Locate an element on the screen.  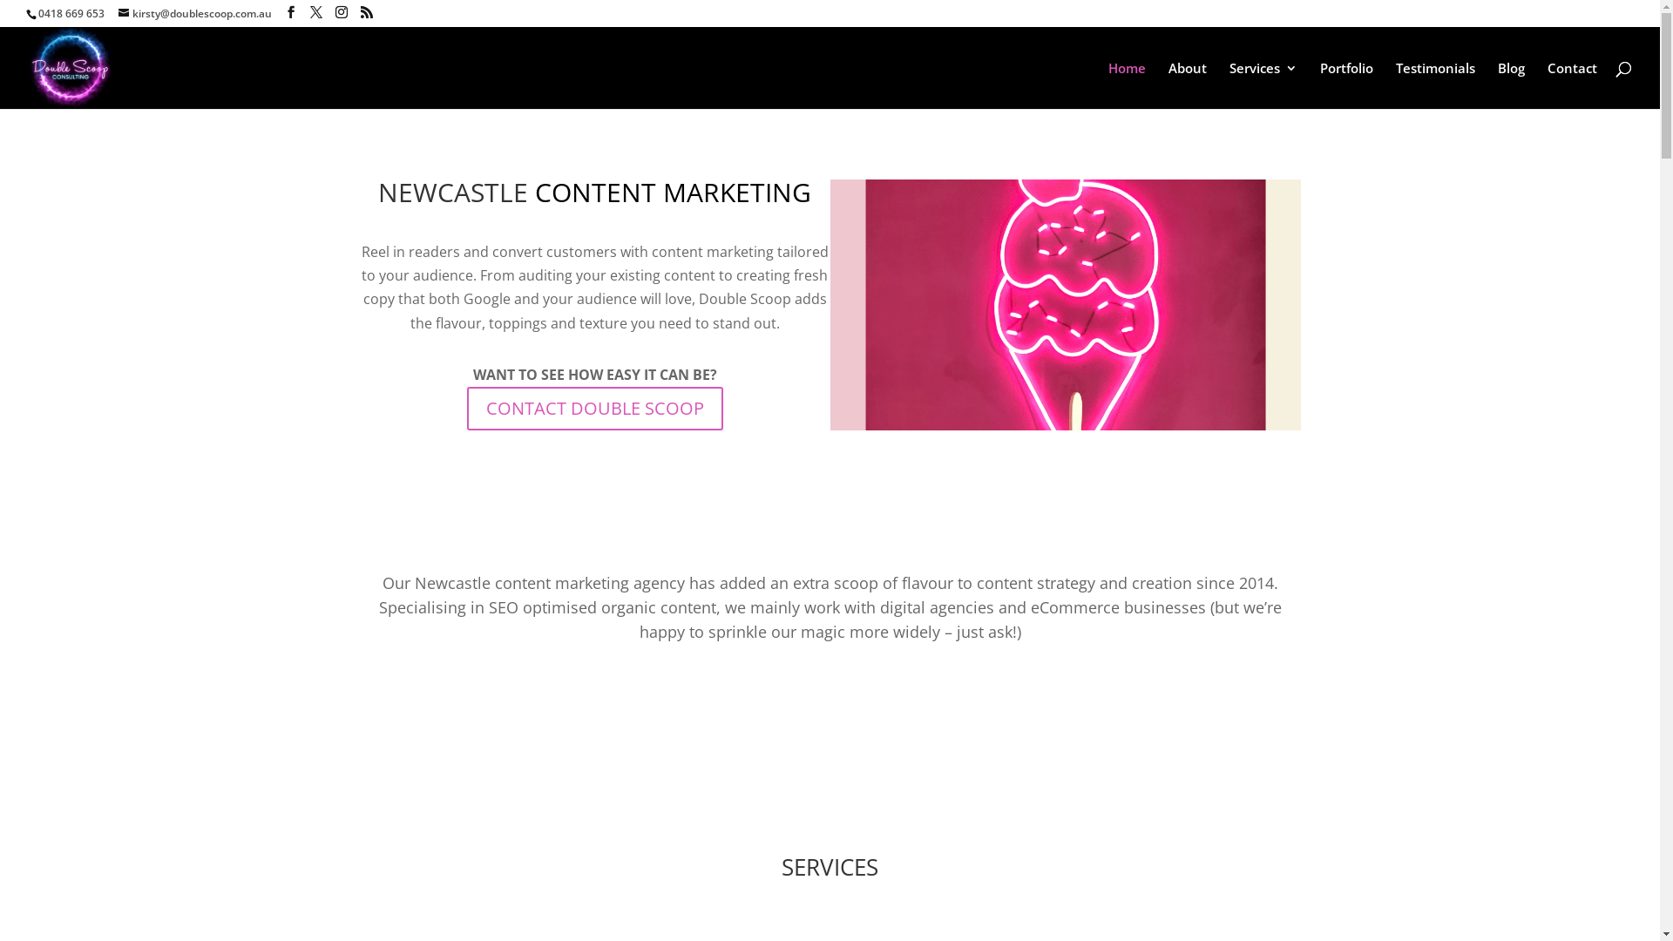
'About' is located at coordinates (828, 691).